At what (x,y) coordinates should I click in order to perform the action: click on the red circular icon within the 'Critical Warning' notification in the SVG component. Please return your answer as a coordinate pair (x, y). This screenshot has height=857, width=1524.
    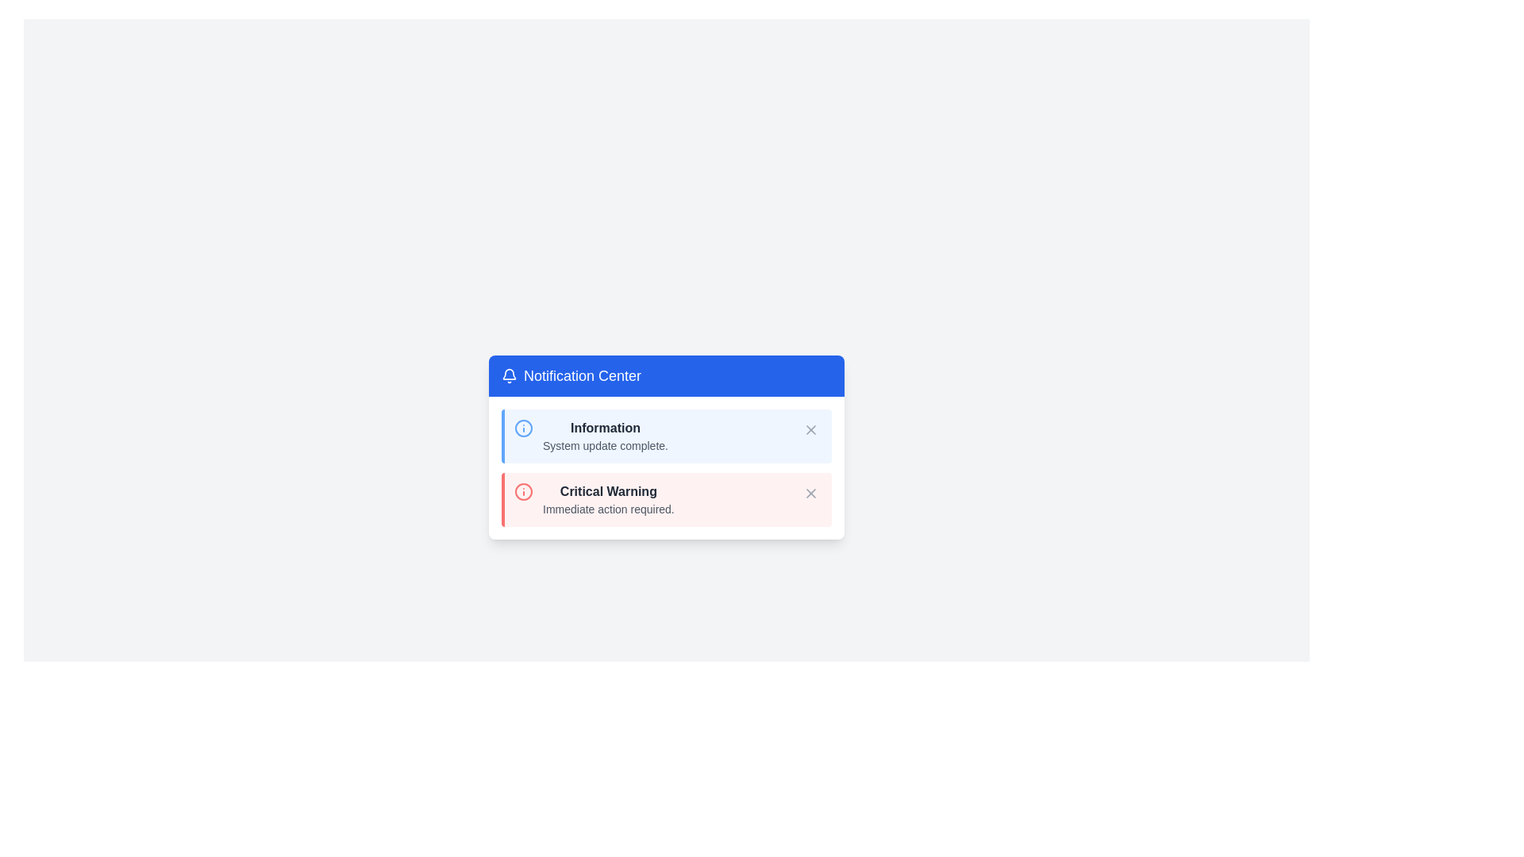
    Looking at the image, I should click on (524, 491).